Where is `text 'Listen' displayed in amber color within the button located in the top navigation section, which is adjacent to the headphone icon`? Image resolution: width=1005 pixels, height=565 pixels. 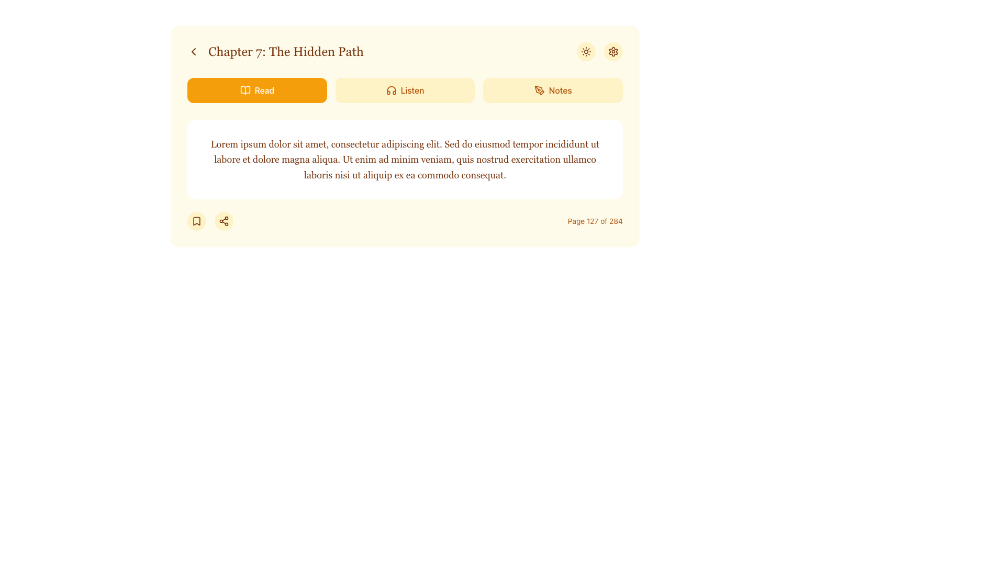
text 'Listen' displayed in amber color within the button located in the top navigation section, which is adjacent to the headphone icon is located at coordinates (411, 90).